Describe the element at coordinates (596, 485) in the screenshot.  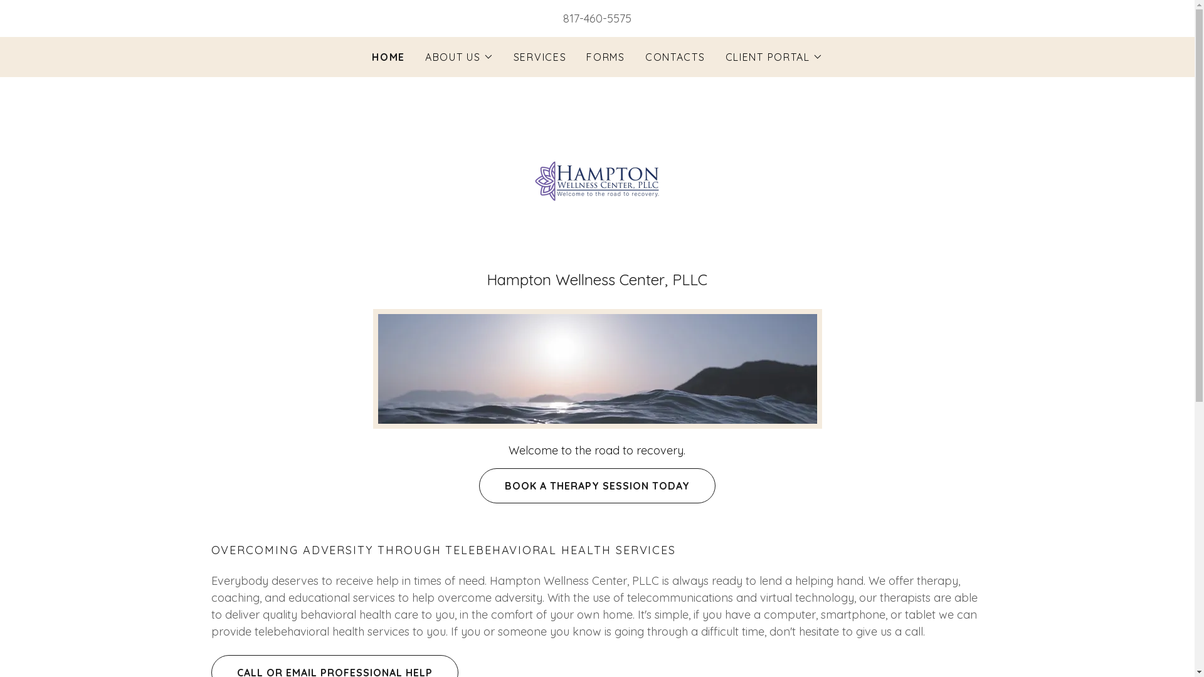
I see `'BOOK A THERAPY SESSION TODAY'` at that location.